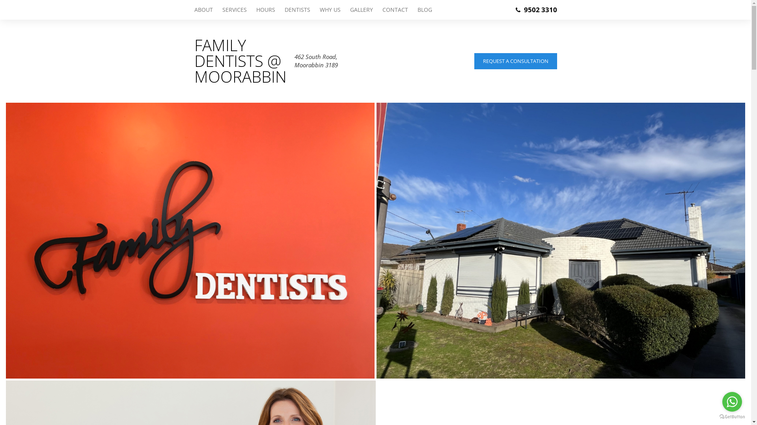 This screenshot has width=757, height=425. Describe the element at coordinates (234, 9) in the screenshot. I see `'SERVICES'` at that location.